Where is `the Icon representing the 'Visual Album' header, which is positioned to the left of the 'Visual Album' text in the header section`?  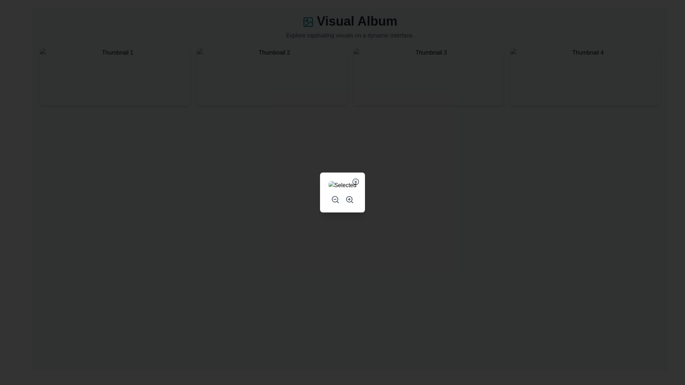
the Icon representing the 'Visual Album' header, which is positioned to the left of the 'Visual Album' text in the header section is located at coordinates (308, 22).